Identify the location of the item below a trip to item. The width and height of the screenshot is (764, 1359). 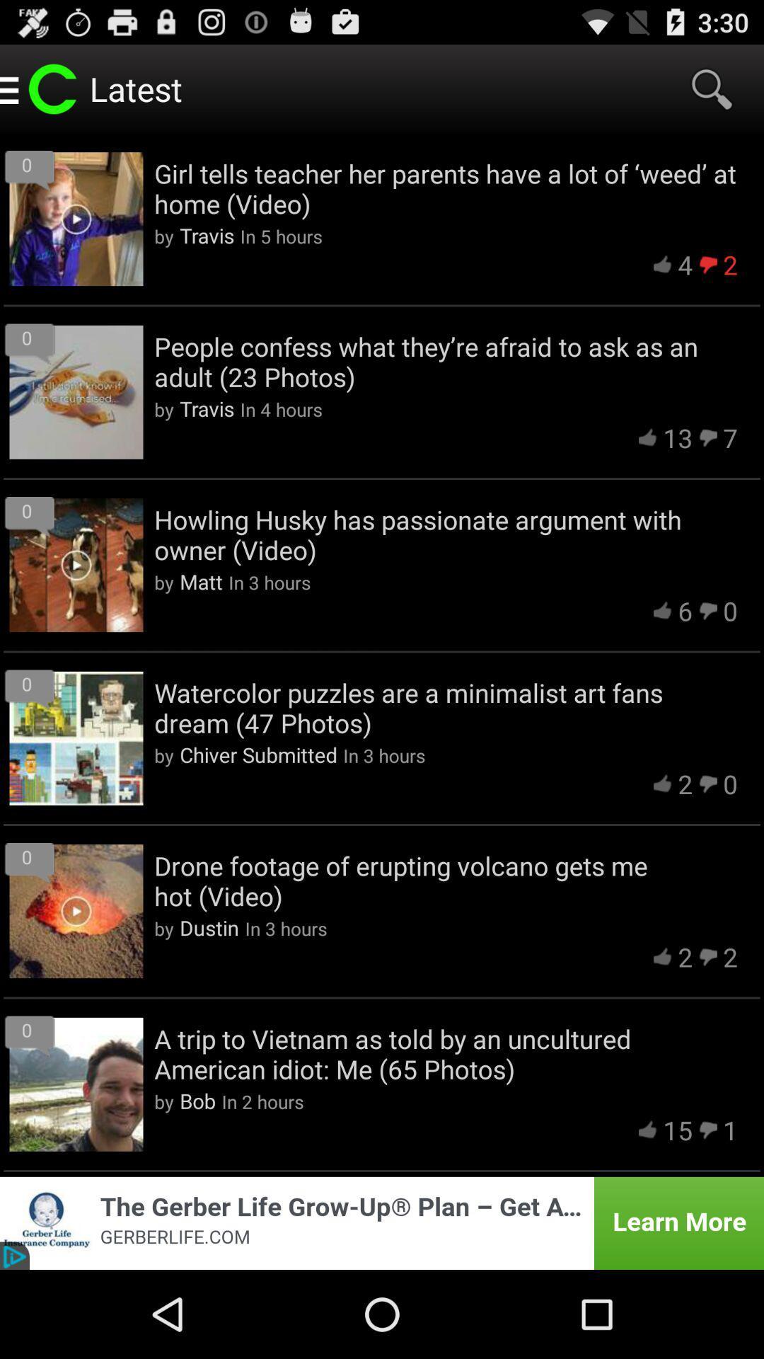
(677, 1129).